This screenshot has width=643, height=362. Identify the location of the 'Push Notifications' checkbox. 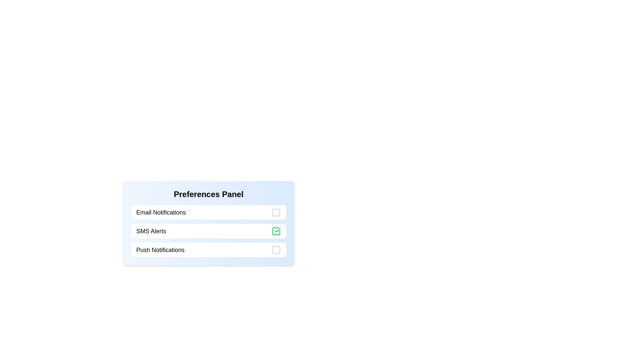
(208, 250).